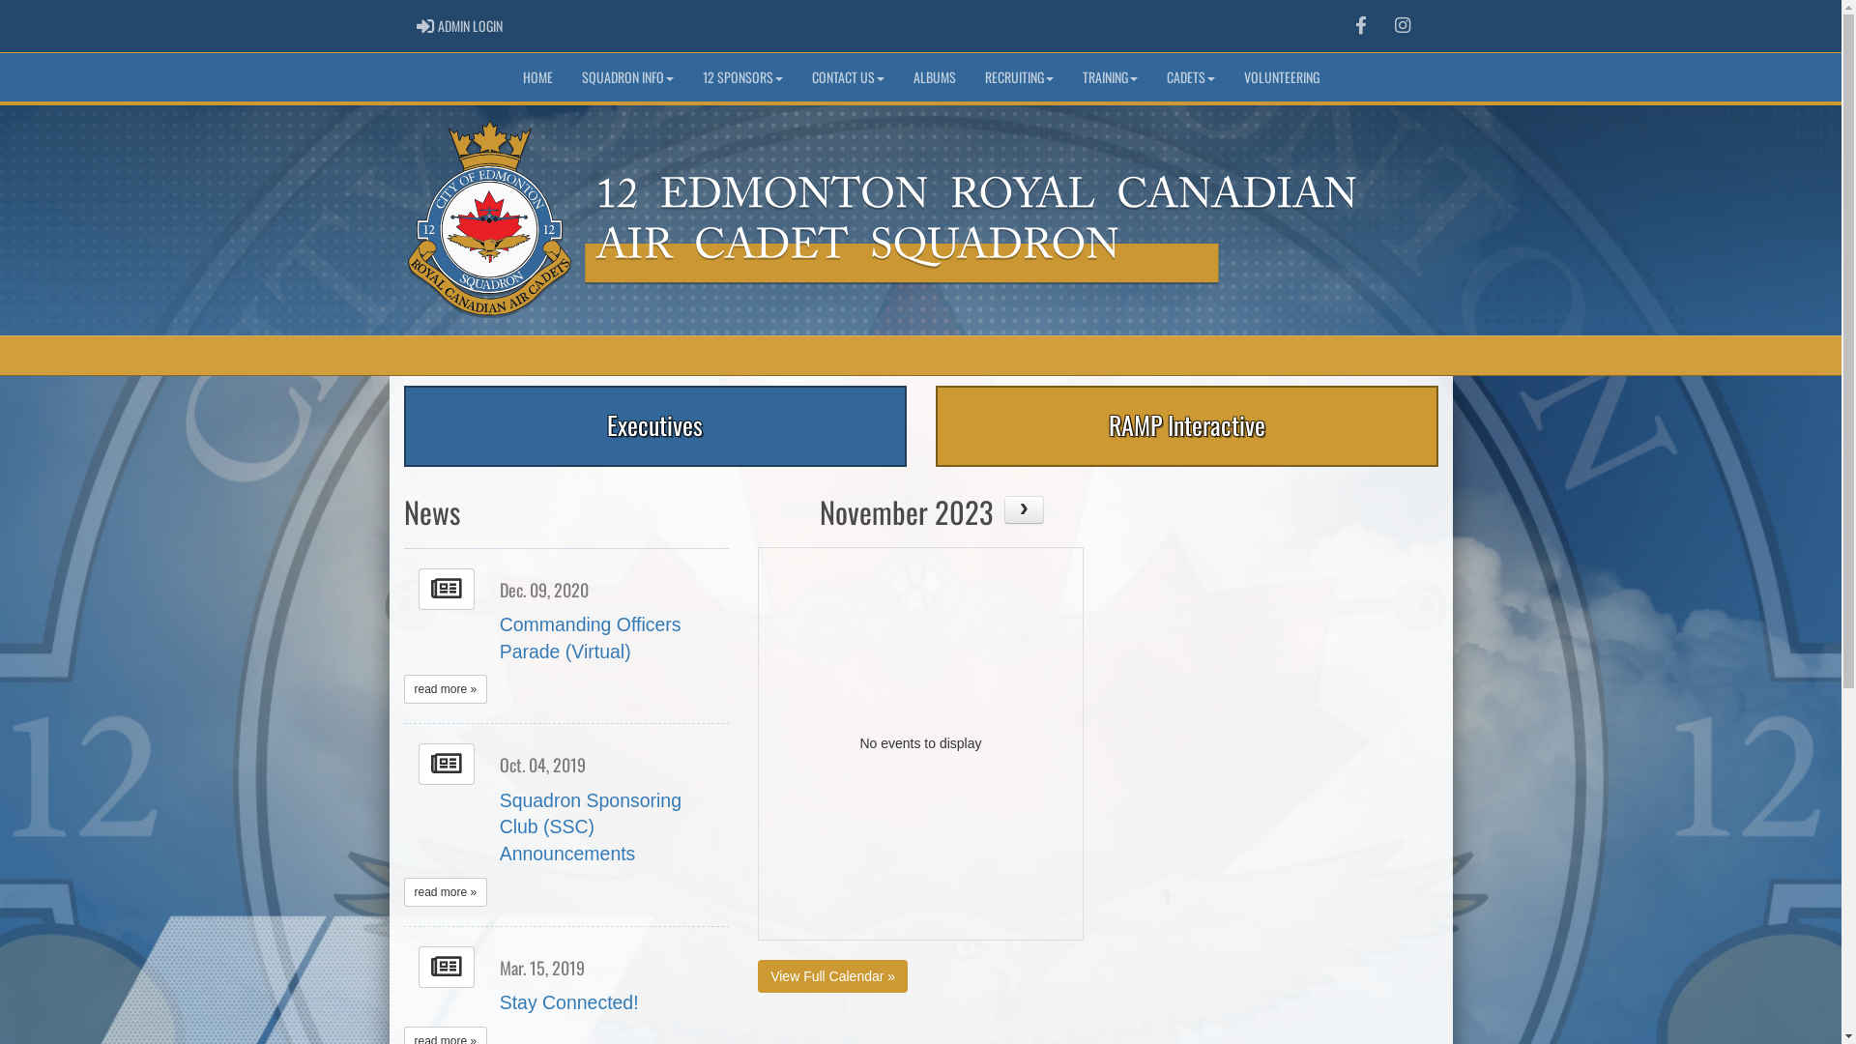 The height and width of the screenshot is (1044, 1856). I want to click on 'Commanding Officers Parade (Virtual)', so click(589, 637).